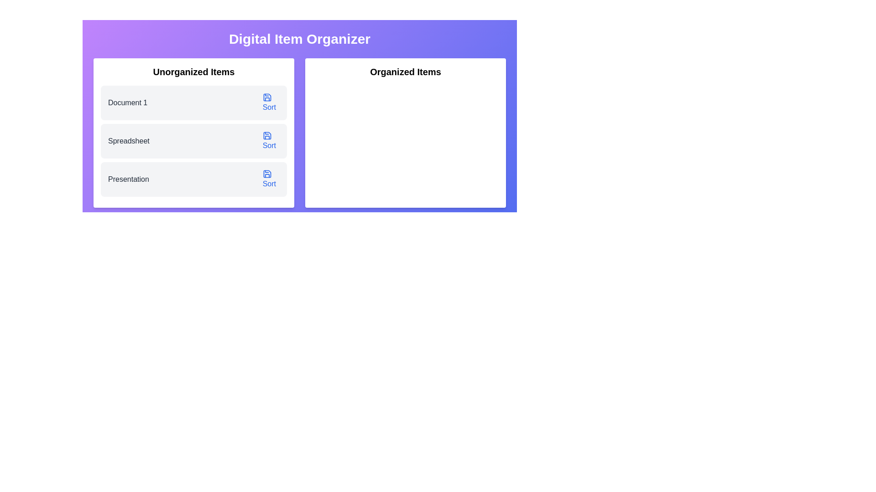 The height and width of the screenshot is (492, 876). What do you see at coordinates (300, 133) in the screenshot?
I see `and drop items from the 'Unorganized Items' column` at bounding box center [300, 133].